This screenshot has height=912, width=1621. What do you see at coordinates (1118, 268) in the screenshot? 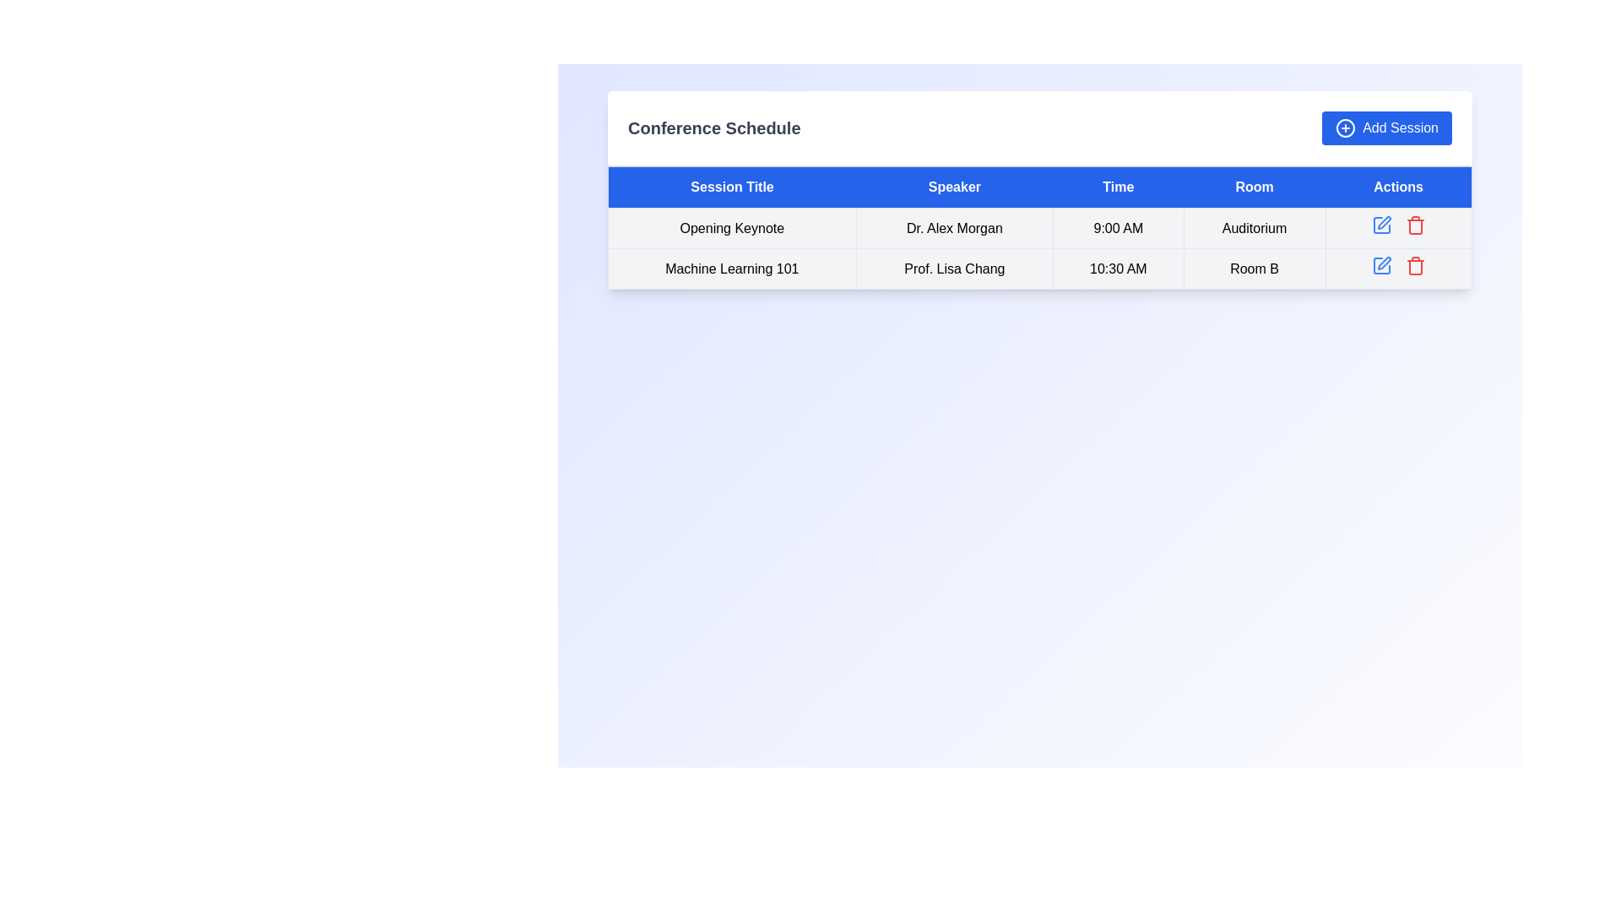
I see `the text label that provides time information for the associated session in the table, located in the second row under the 'Time' column` at bounding box center [1118, 268].